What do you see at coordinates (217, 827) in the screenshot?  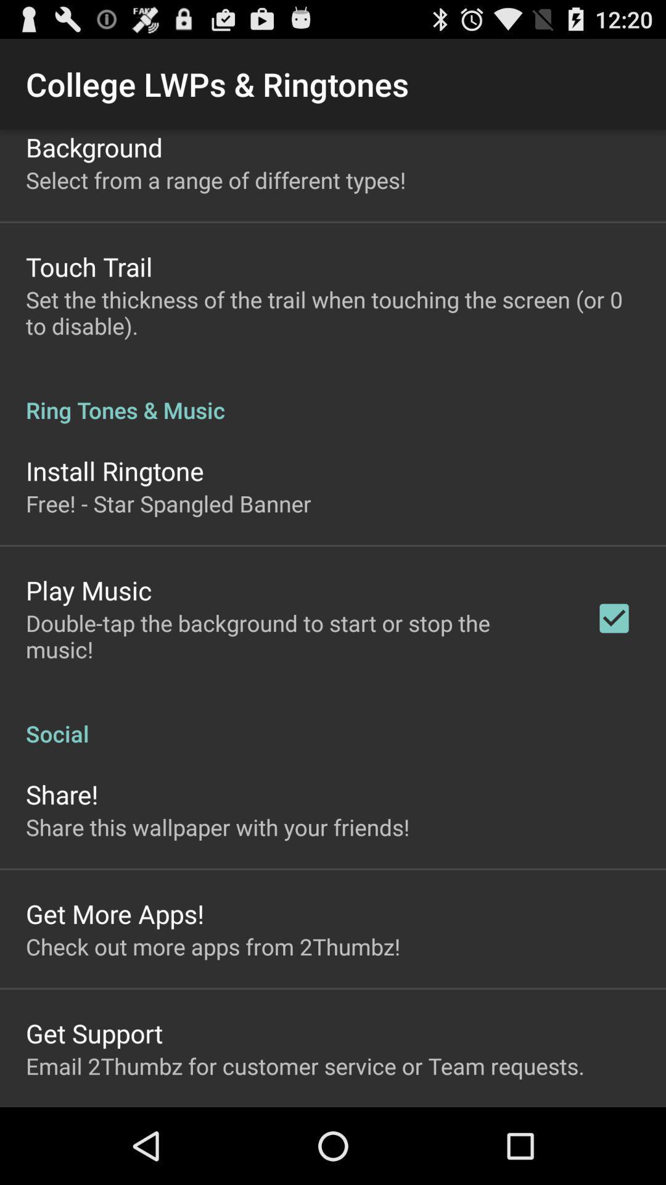 I see `the share this wallpaper` at bounding box center [217, 827].